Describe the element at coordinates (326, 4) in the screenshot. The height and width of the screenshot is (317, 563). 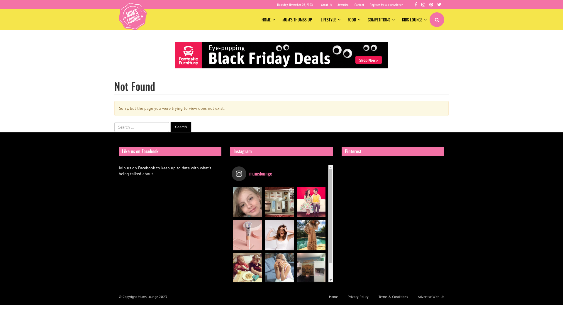
I see `'About Us'` at that location.